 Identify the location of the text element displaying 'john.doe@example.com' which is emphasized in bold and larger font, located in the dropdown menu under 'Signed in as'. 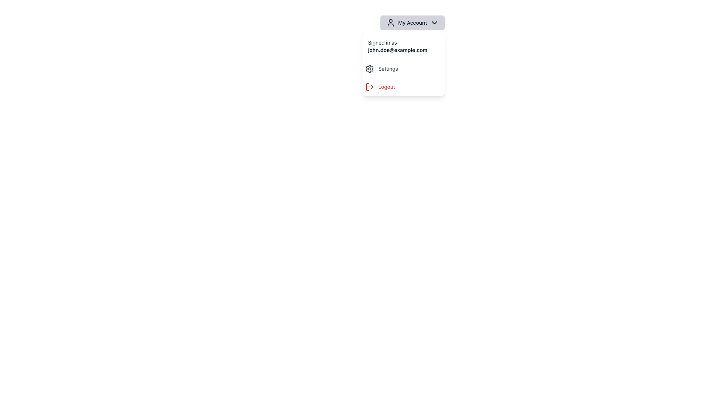
(403, 50).